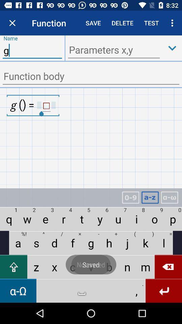 This screenshot has height=324, width=182. I want to click on function body, so click(91, 77).